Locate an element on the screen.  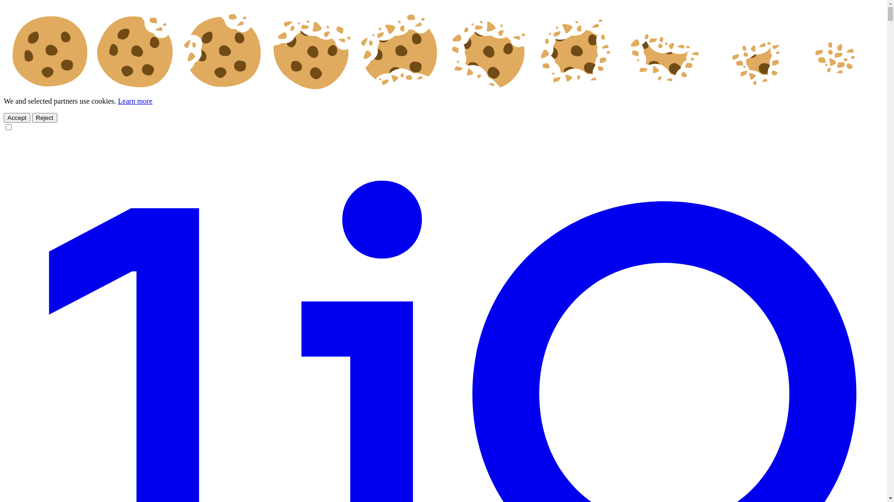
'Learn more' is located at coordinates (134, 101).